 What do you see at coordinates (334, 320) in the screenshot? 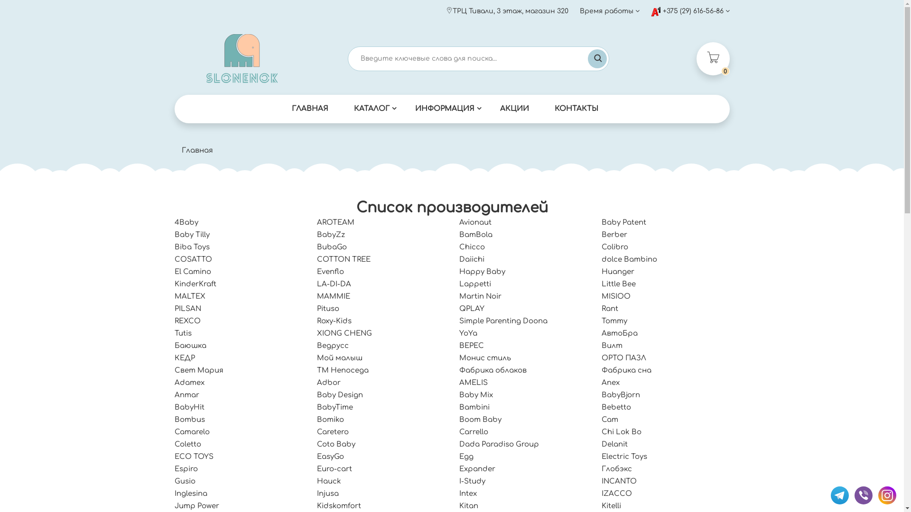
I see `'Roxy-Kids'` at bounding box center [334, 320].